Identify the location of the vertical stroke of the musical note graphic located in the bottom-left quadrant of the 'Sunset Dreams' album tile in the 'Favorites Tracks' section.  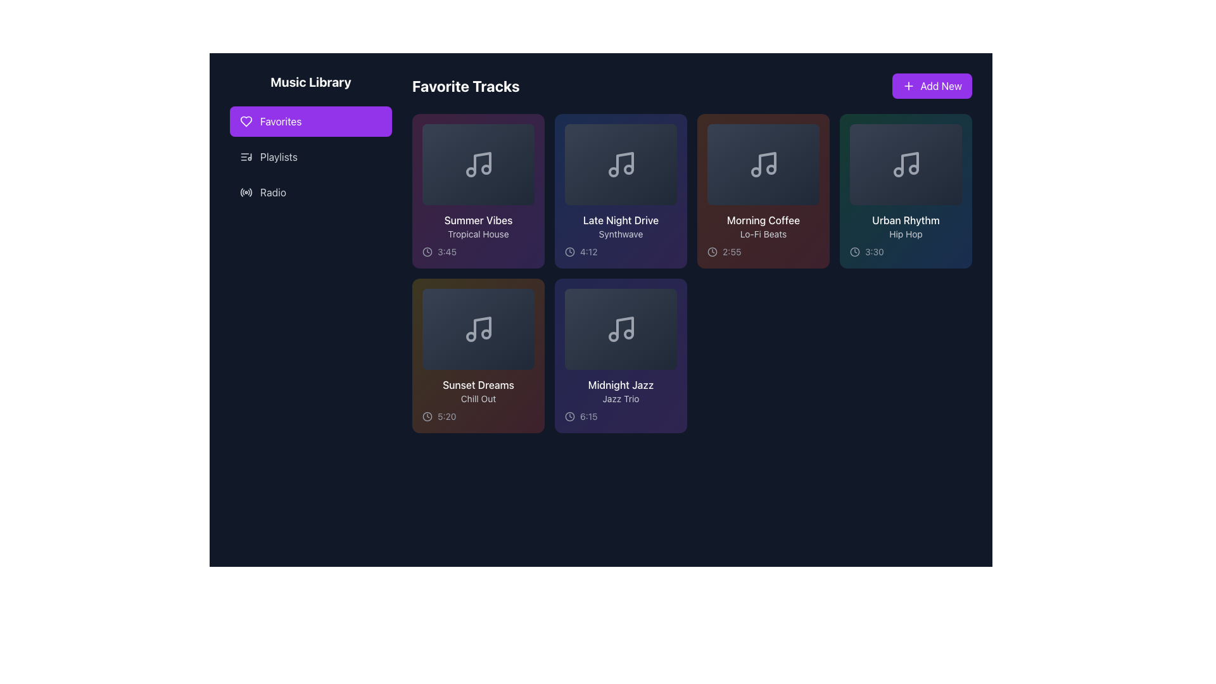
(481, 326).